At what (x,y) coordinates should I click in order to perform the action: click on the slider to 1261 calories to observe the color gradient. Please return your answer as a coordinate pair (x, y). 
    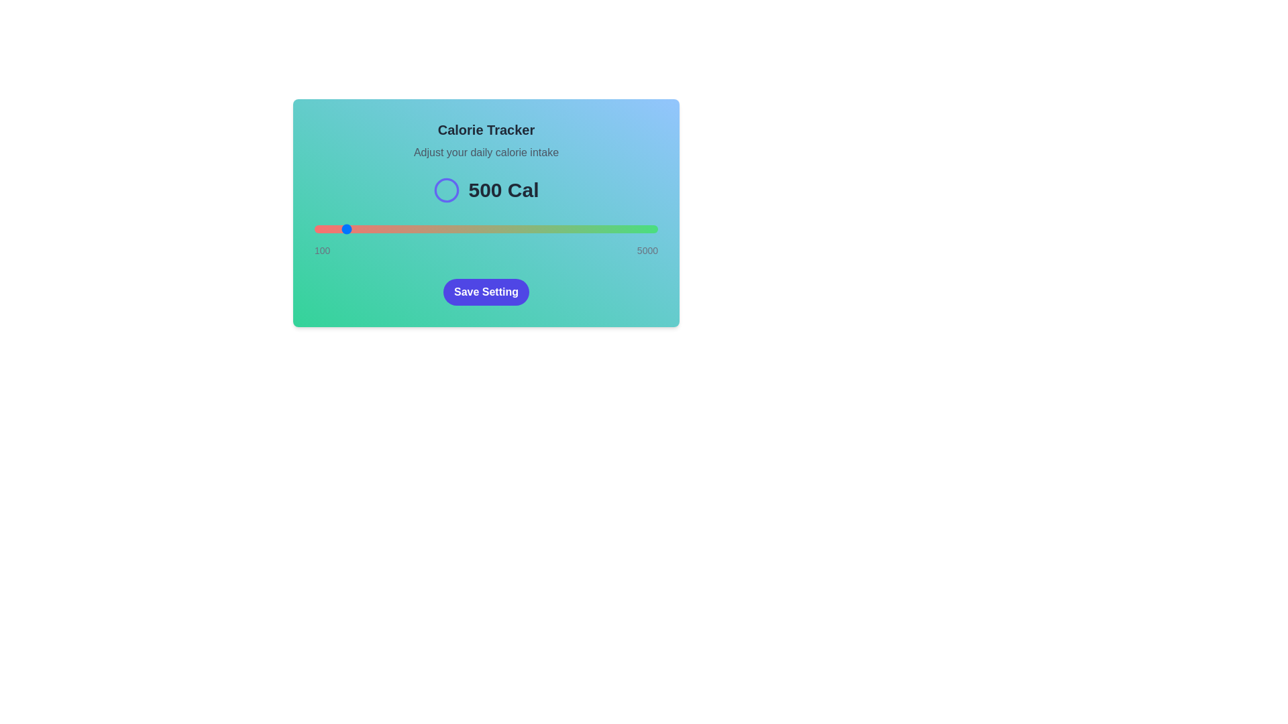
    Looking at the image, I should click on (395, 229).